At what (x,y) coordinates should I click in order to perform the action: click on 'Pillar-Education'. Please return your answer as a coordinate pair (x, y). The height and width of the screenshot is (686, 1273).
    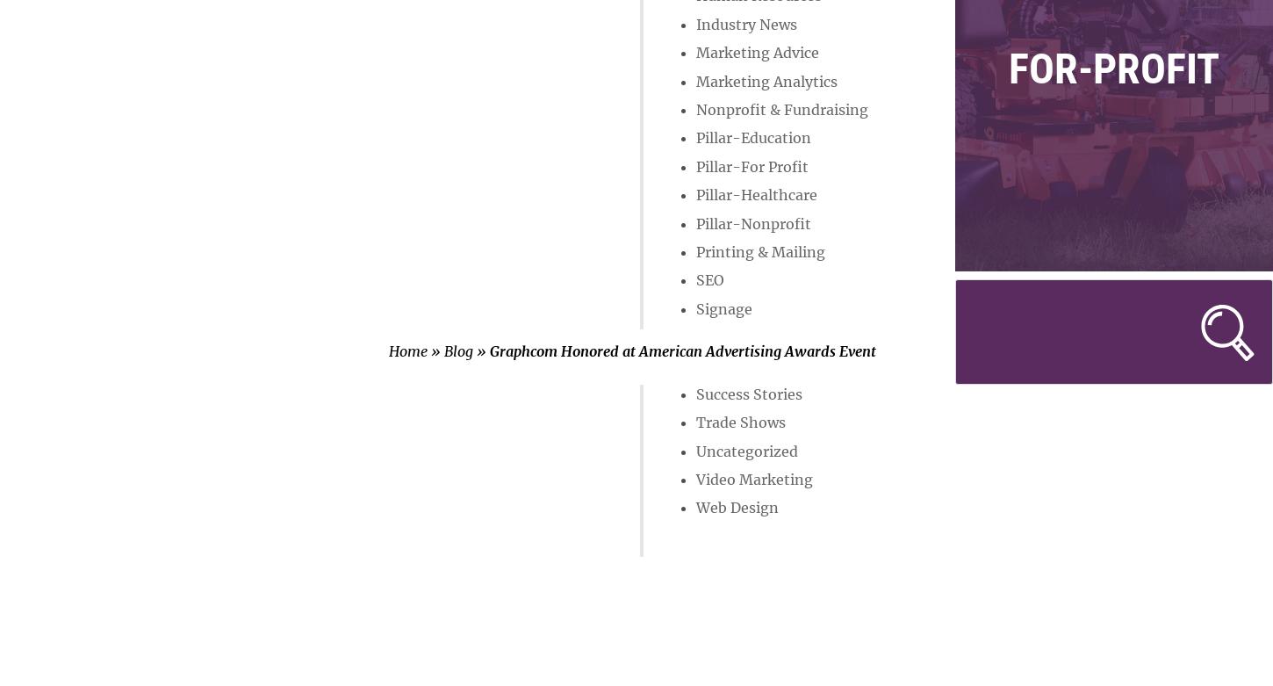
    Looking at the image, I should click on (752, 136).